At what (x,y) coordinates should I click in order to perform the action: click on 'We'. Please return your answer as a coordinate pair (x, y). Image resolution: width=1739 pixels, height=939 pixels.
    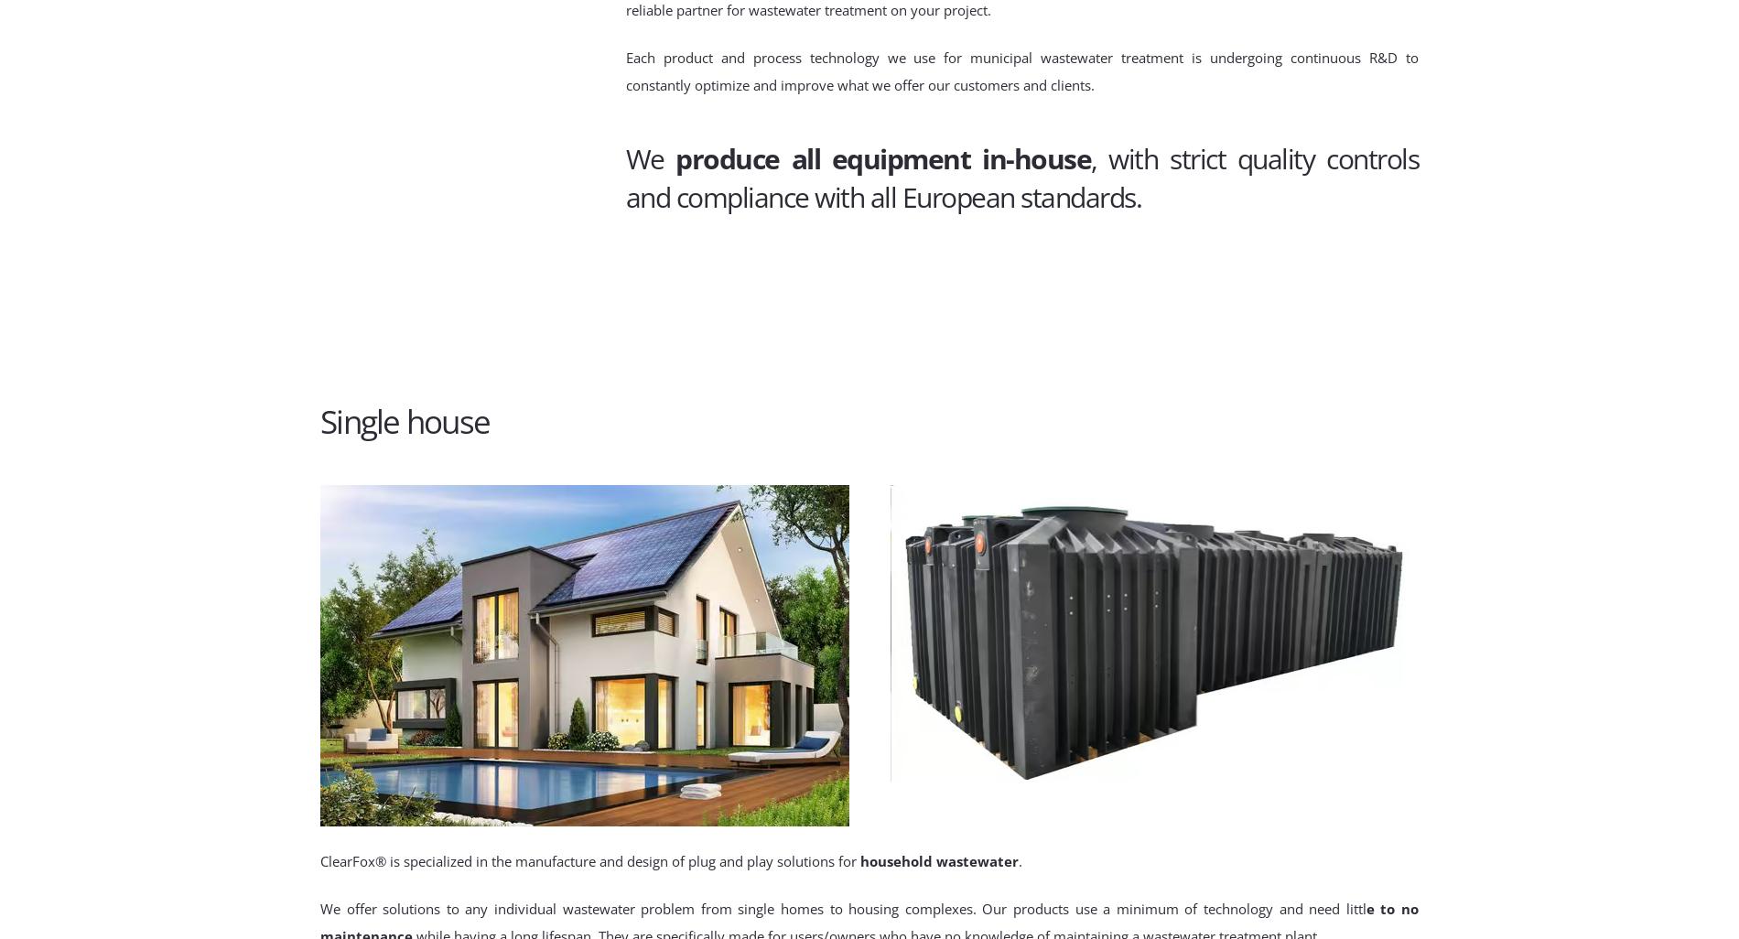
    Looking at the image, I should click on (625, 157).